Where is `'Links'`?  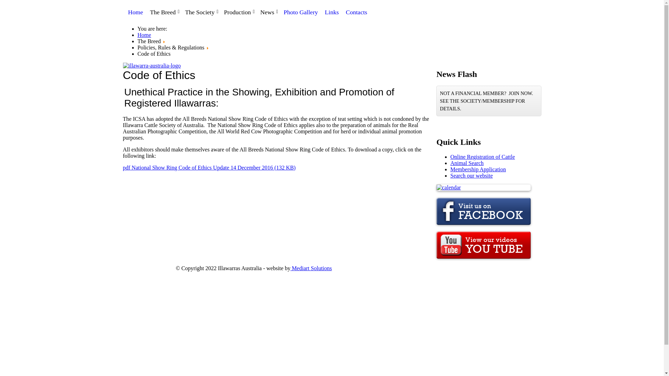 'Links' is located at coordinates (333, 11).